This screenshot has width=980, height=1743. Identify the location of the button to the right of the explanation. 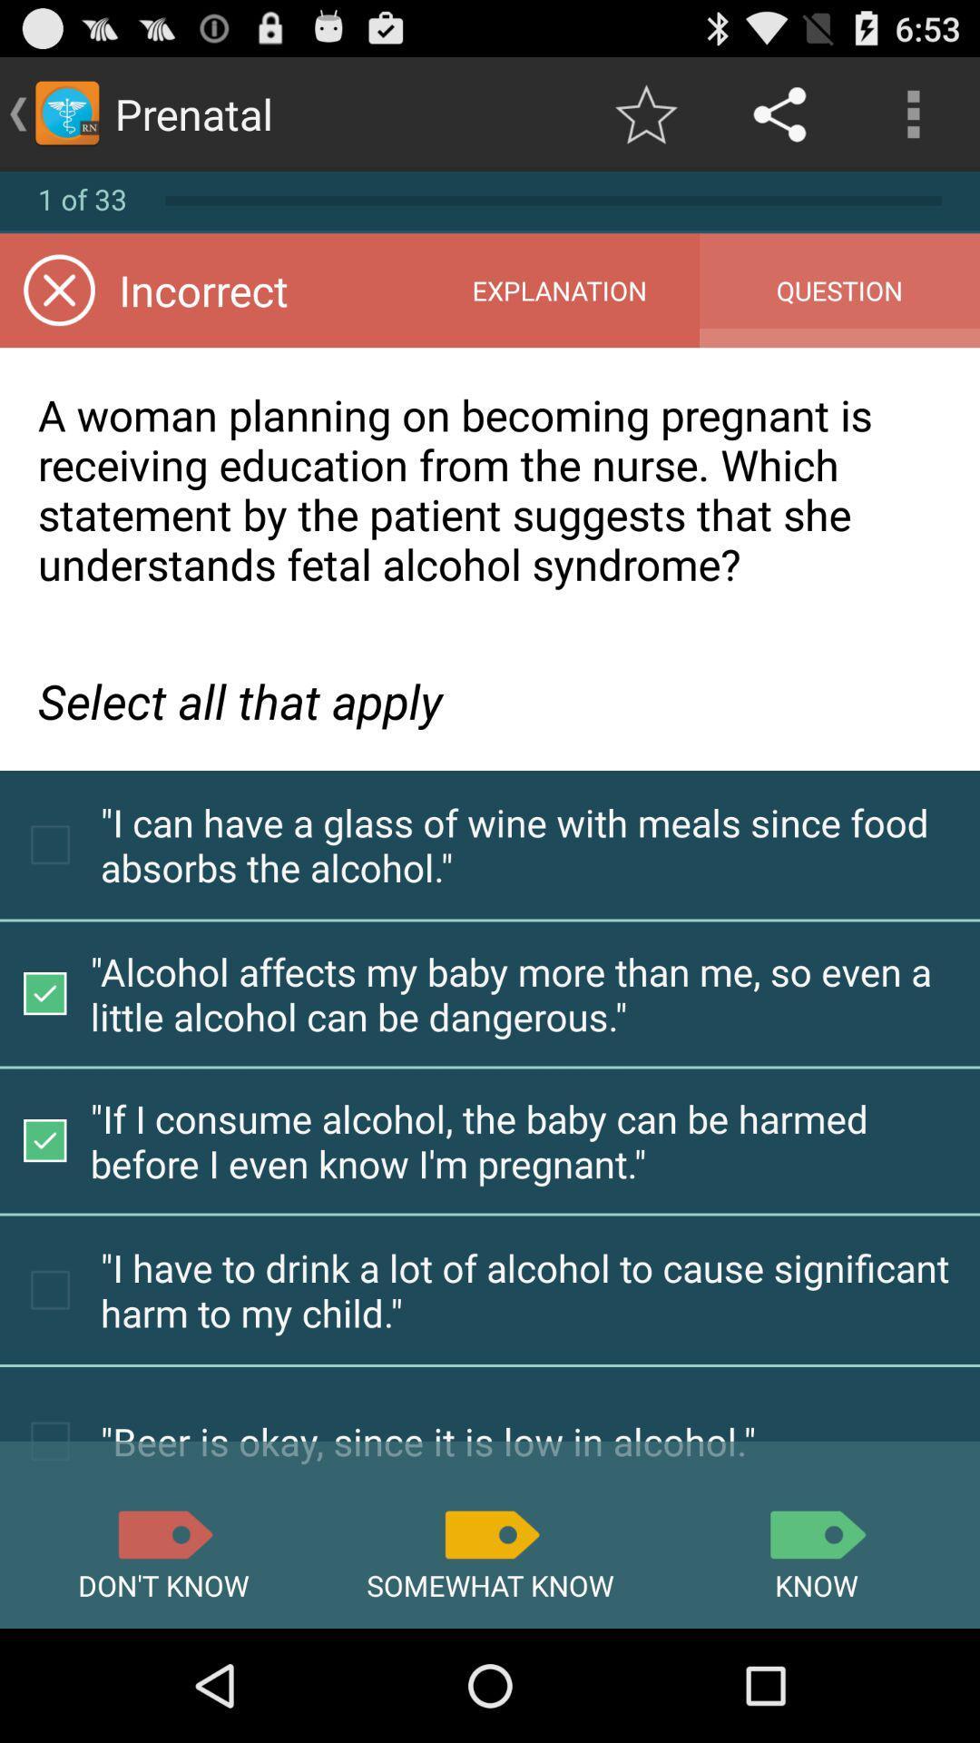
(839, 290).